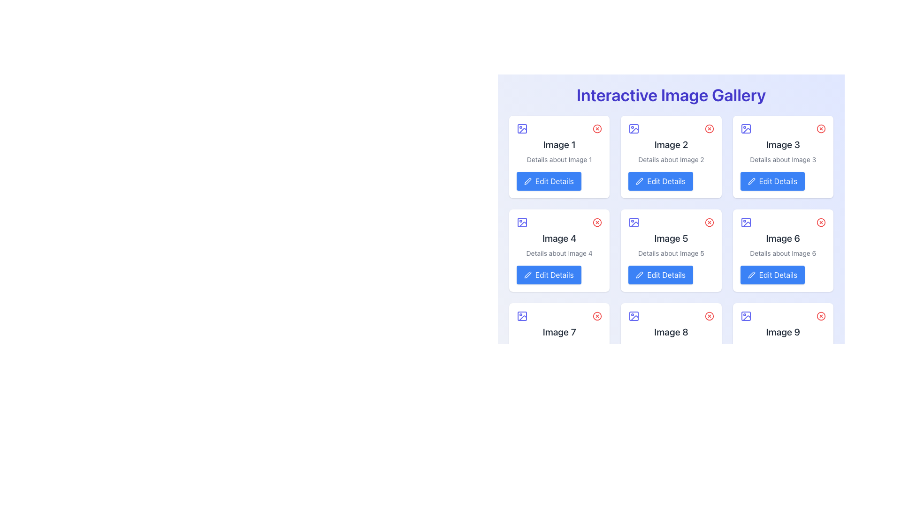 This screenshot has width=901, height=506. Describe the element at coordinates (559, 156) in the screenshot. I see `the Card component displaying 'Image 1' located at the top-left corner of the grid layout` at that location.